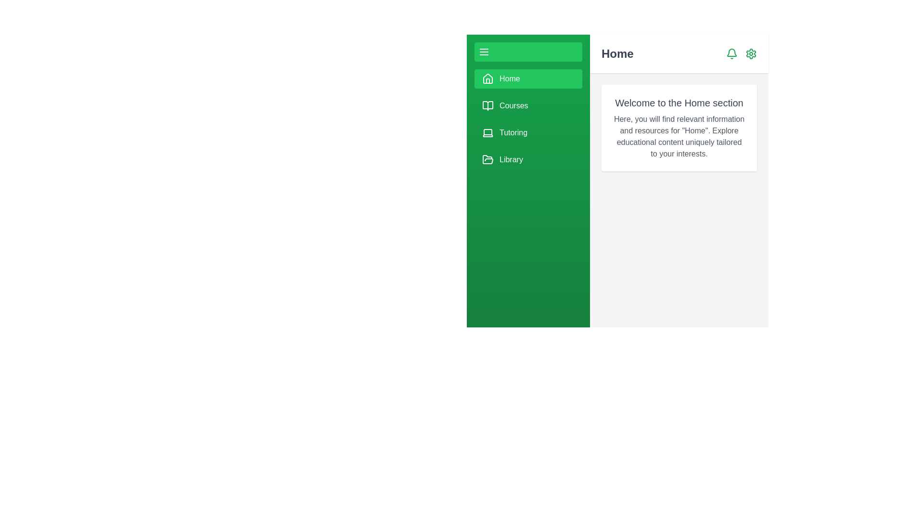 This screenshot has width=924, height=520. Describe the element at coordinates (488, 105) in the screenshot. I see `the open book icon in the navigation menu` at that location.